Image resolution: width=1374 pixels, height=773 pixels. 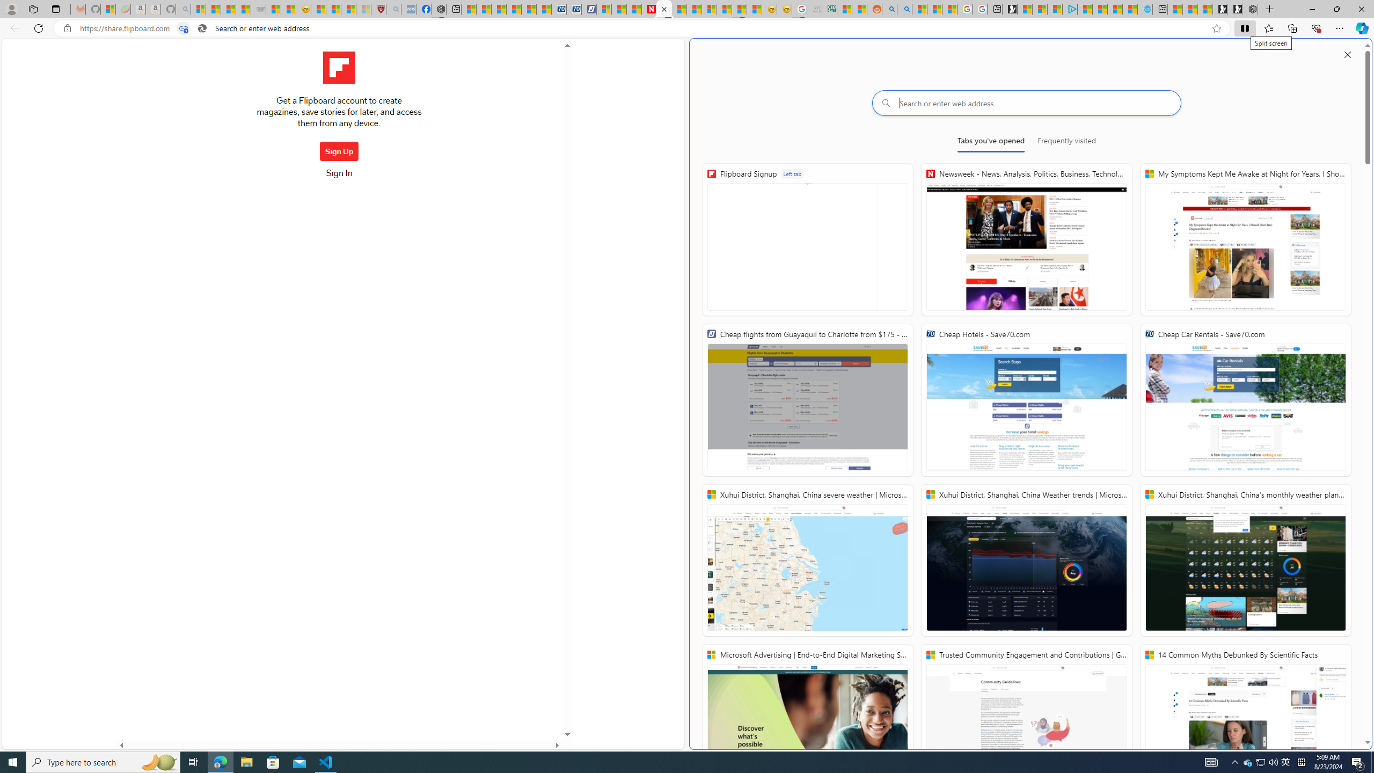 What do you see at coordinates (1234, 9) in the screenshot?
I see `'Play Free Online Games | Games from Microsoft Start'` at bounding box center [1234, 9].